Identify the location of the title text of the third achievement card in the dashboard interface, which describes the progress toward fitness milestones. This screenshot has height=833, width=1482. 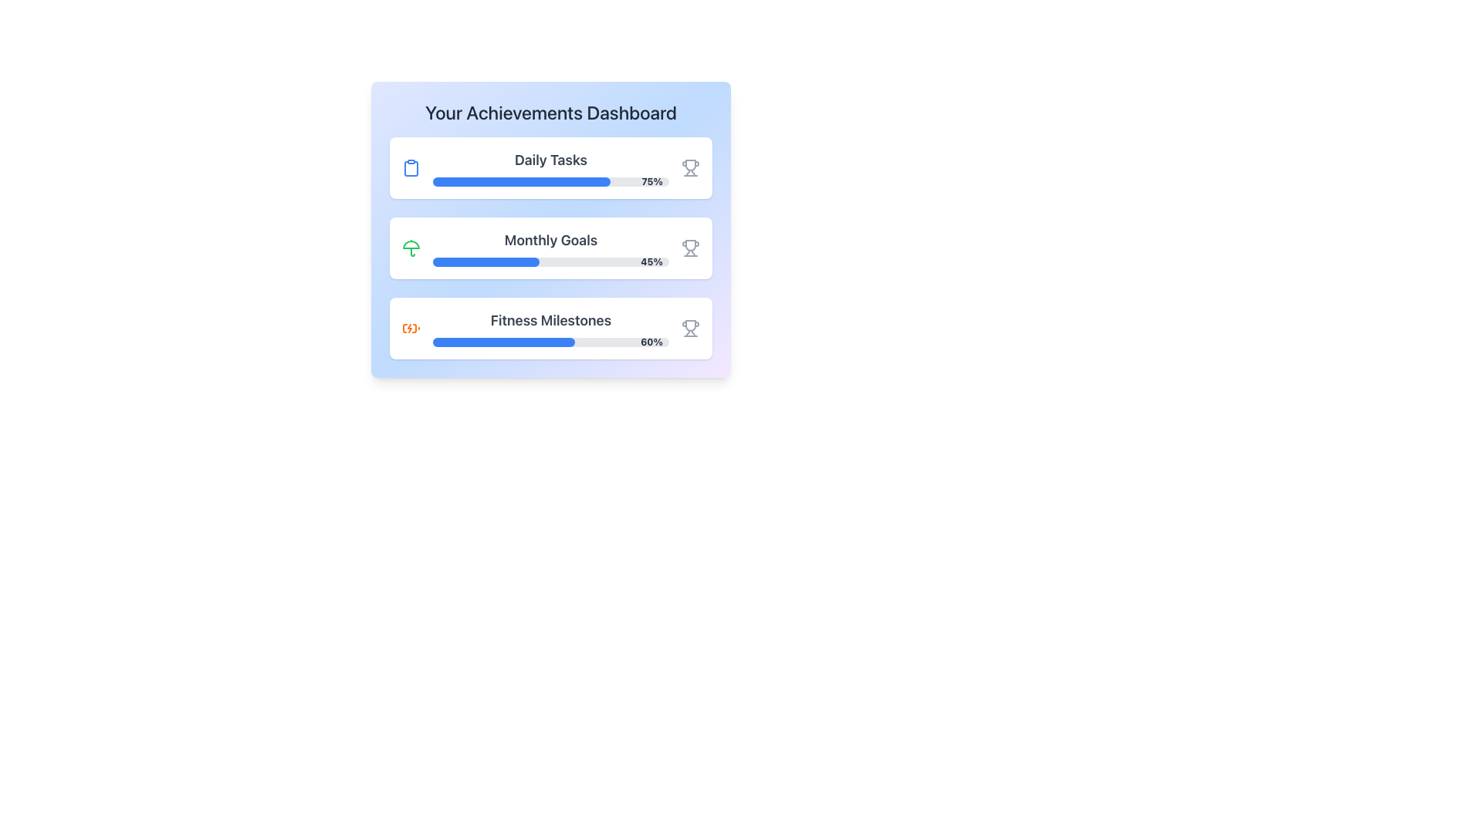
(551, 320).